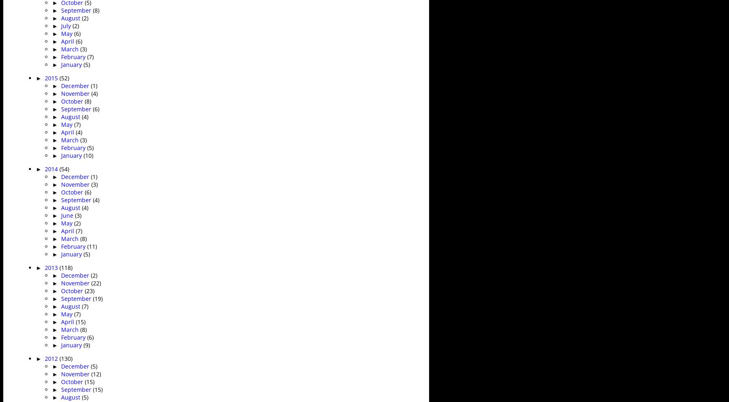  Describe the element at coordinates (89, 290) in the screenshot. I see `'(23)'` at that location.